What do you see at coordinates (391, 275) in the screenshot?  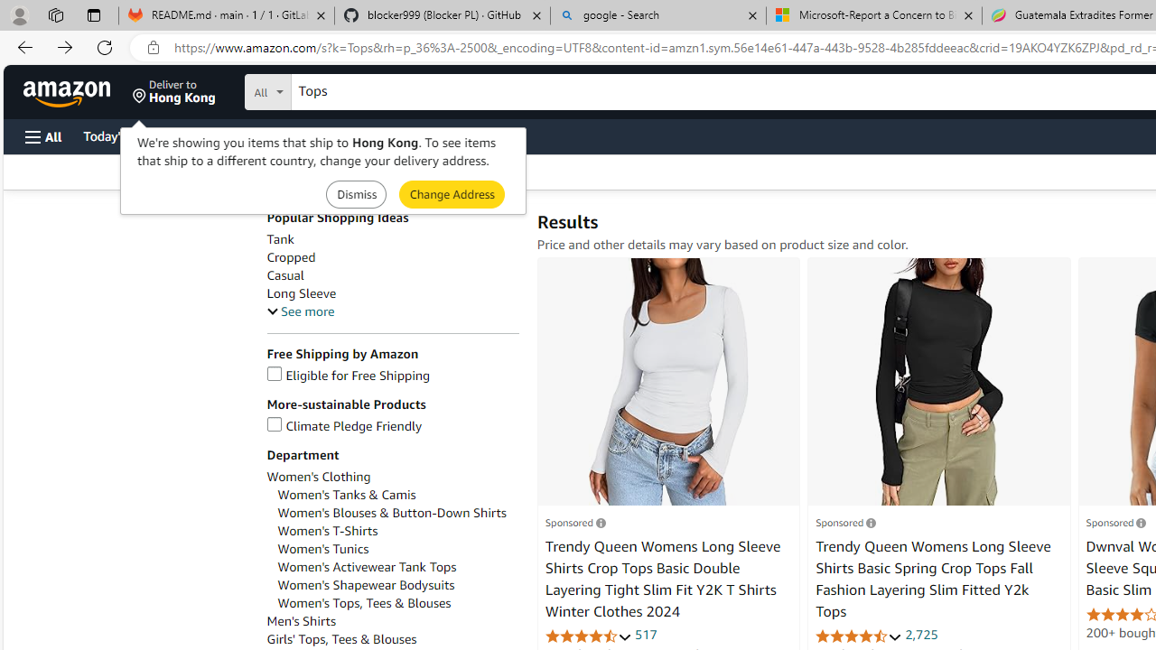 I see `'Casual'` at bounding box center [391, 275].